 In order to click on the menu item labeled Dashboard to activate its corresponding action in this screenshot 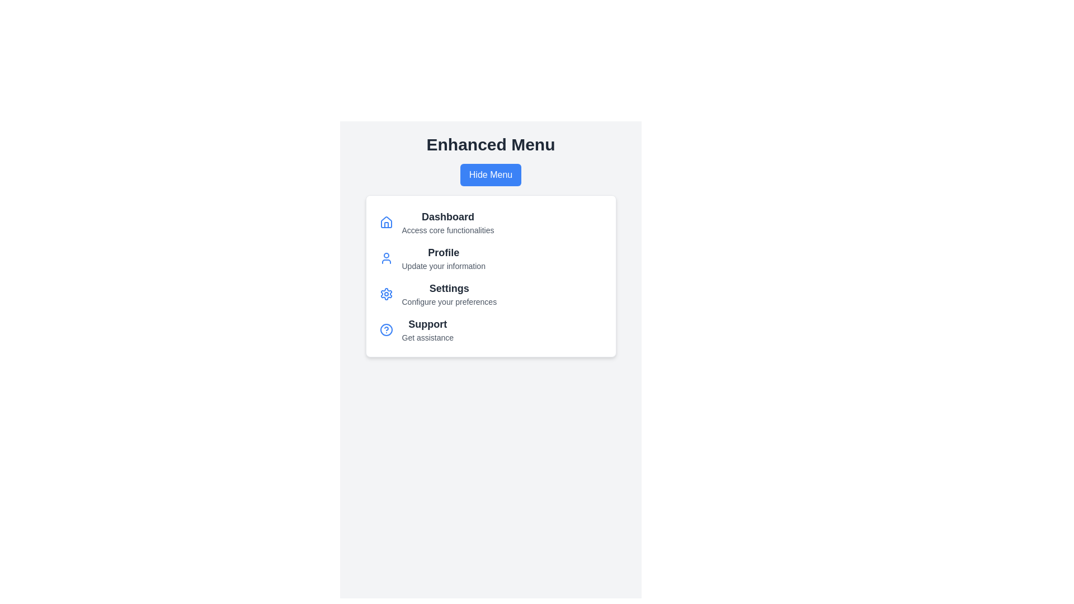, I will do `click(448, 217)`.